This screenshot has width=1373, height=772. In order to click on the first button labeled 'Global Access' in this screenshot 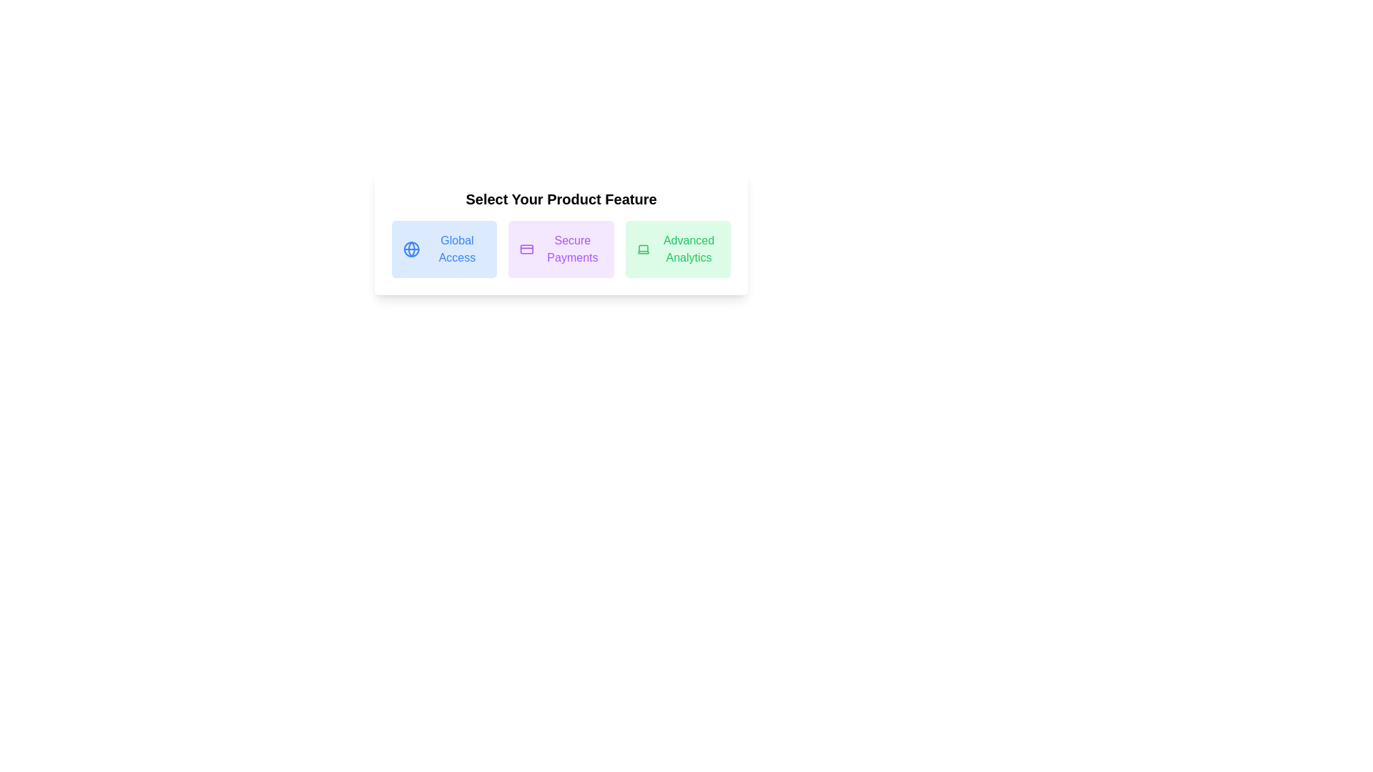, I will do `click(443, 248)`.